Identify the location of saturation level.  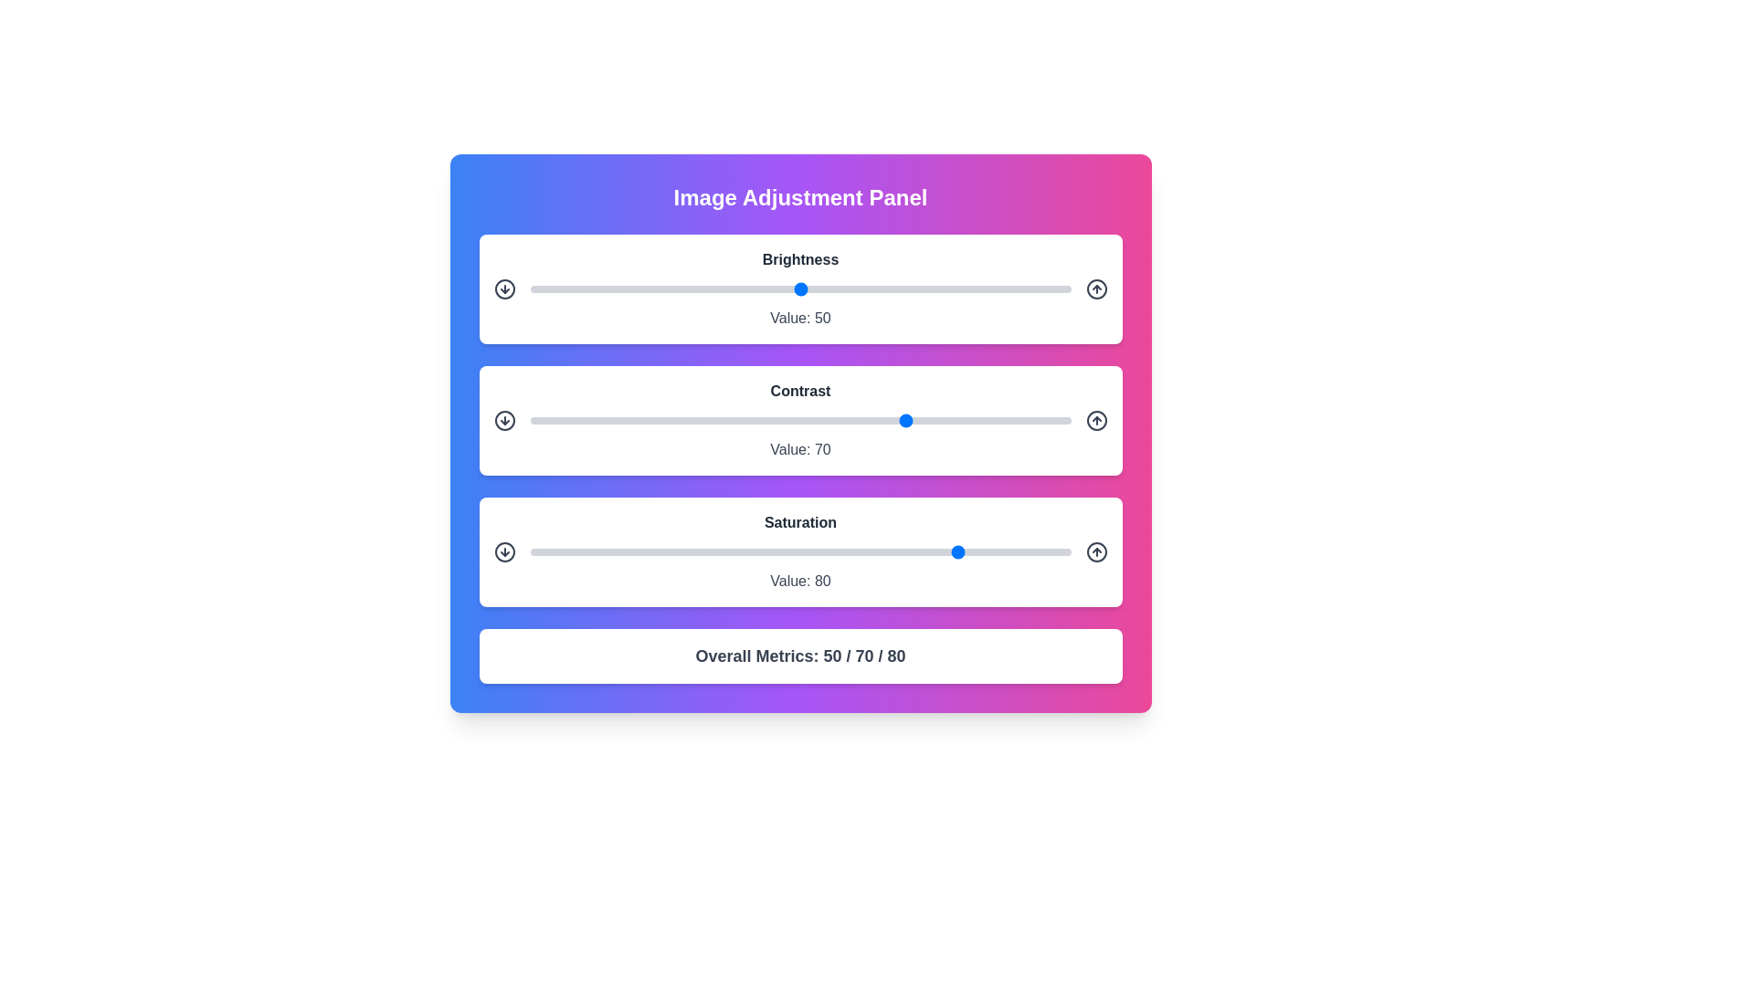
(898, 551).